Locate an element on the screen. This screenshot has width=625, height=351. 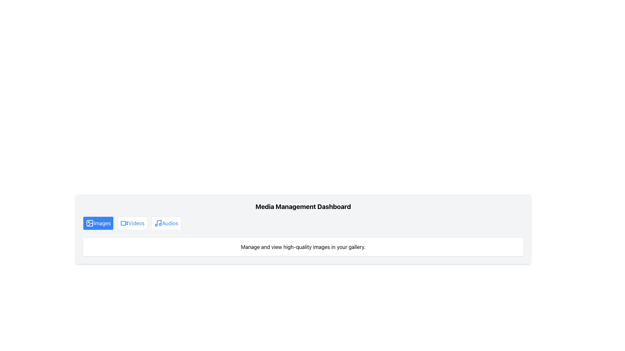
the Audios icon is located at coordinates (158, 223).